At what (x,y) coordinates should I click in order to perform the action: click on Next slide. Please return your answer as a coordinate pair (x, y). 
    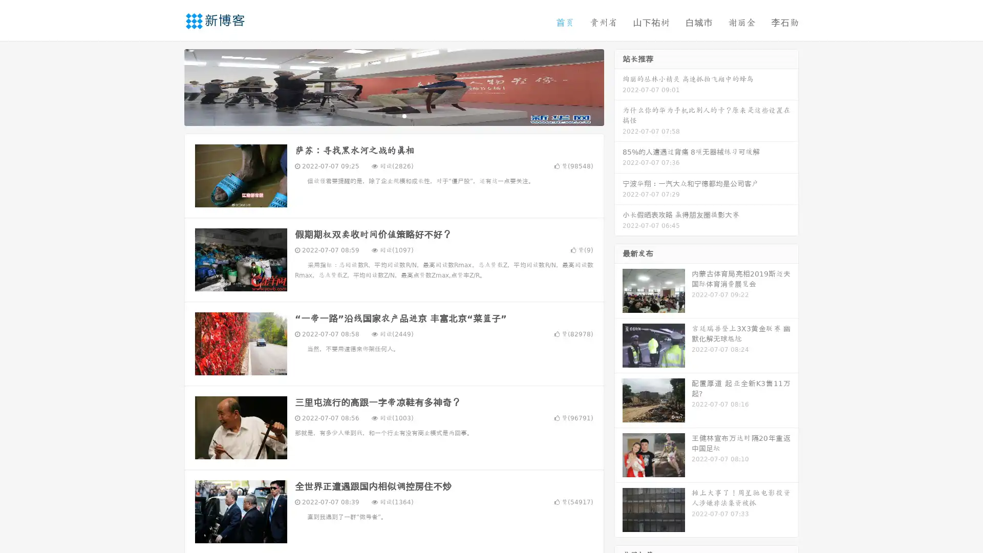
    Looking at the image, I should click on (618, 86).